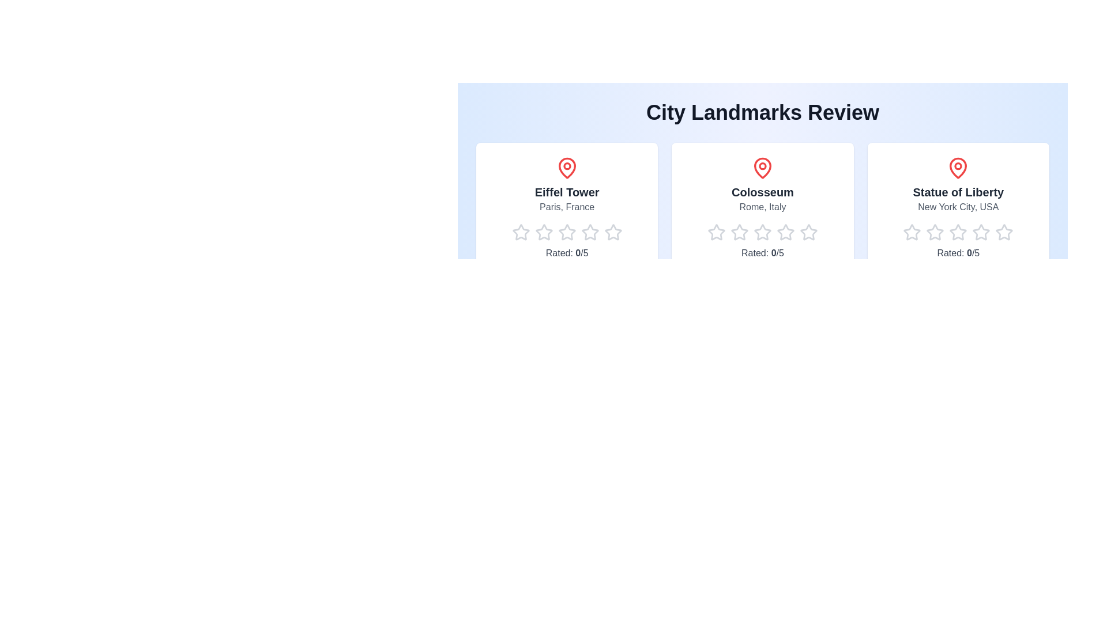 This screenshot has width=1107, height=622. What do you see at coordinates (730, 233) in the screenshot?
I see `the star corresponding to 2 for the landmark Colosseum` at bounding box center [730, 233].